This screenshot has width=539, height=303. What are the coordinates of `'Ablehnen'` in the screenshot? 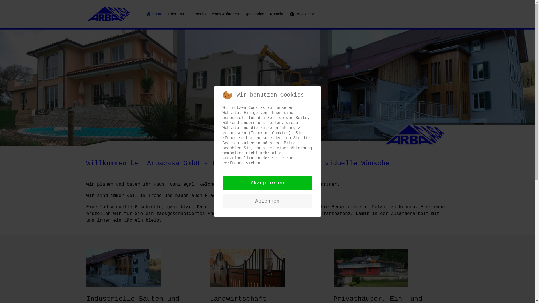 It's located at (267, 201).